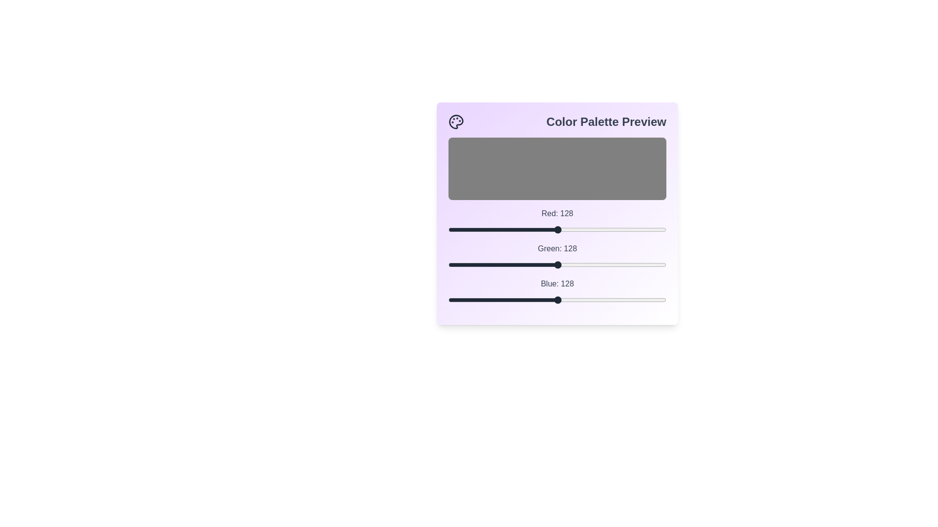 Image resolution: width=938 pixels, height=527 pixels. Describe the element at coordinates (643, 265) in the screenshot. I see `the green intensity` at that location.